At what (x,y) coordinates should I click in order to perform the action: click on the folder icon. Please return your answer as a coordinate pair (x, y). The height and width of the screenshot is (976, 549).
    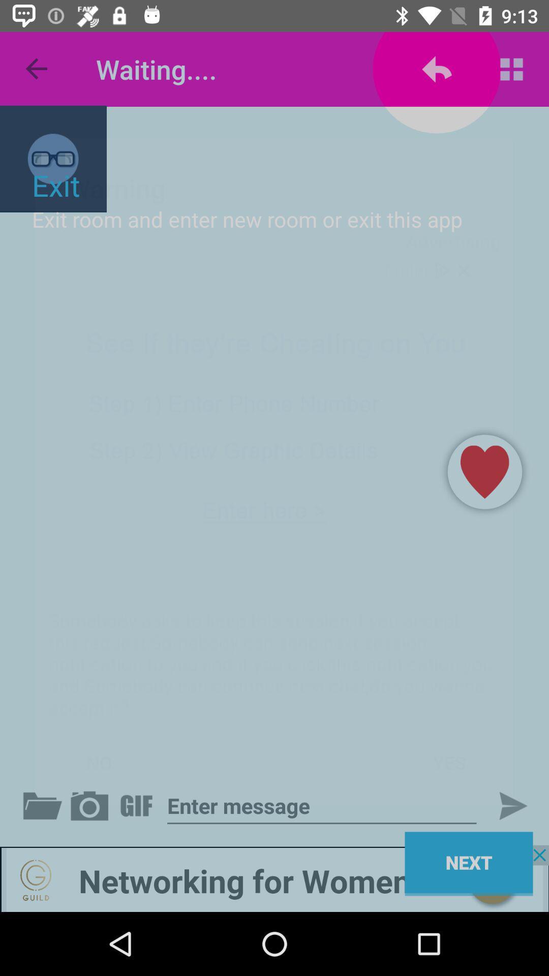
    Looking at the image, I should click on (44, 805).